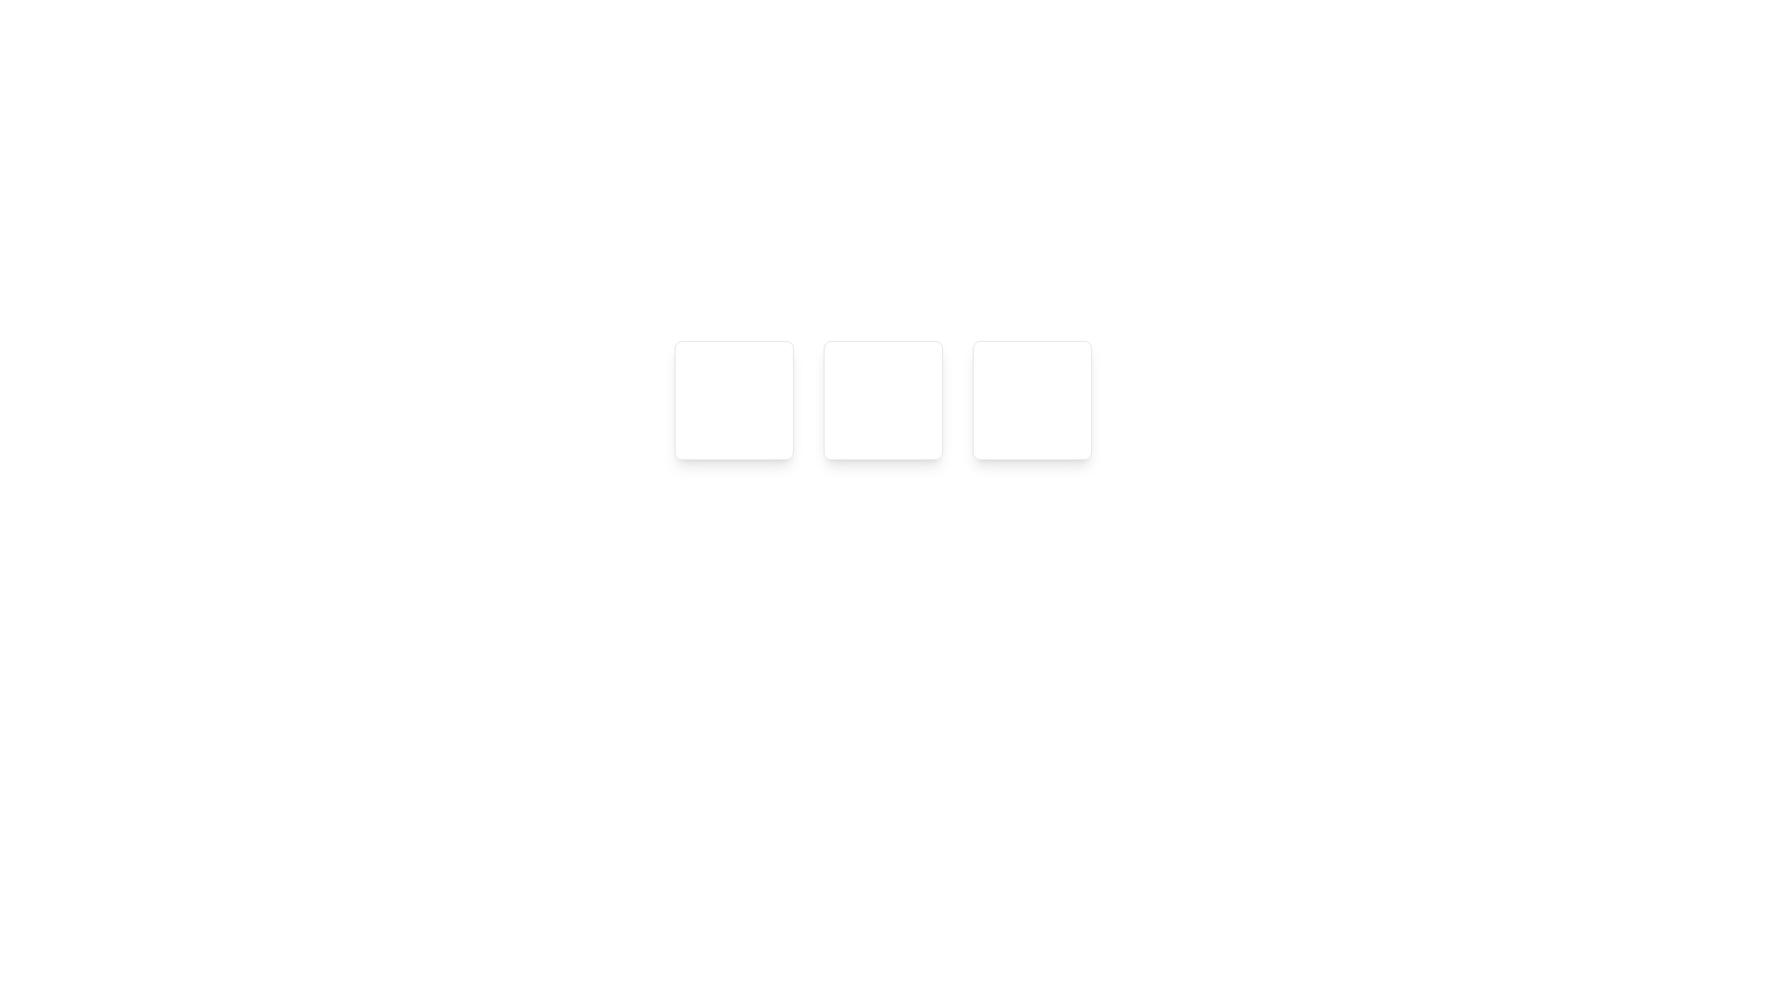  Describe the element at coordinates (881, 399) in the screenshot. I see `the middle interactive card or tile in a horizontal row of three tiles` at that location.